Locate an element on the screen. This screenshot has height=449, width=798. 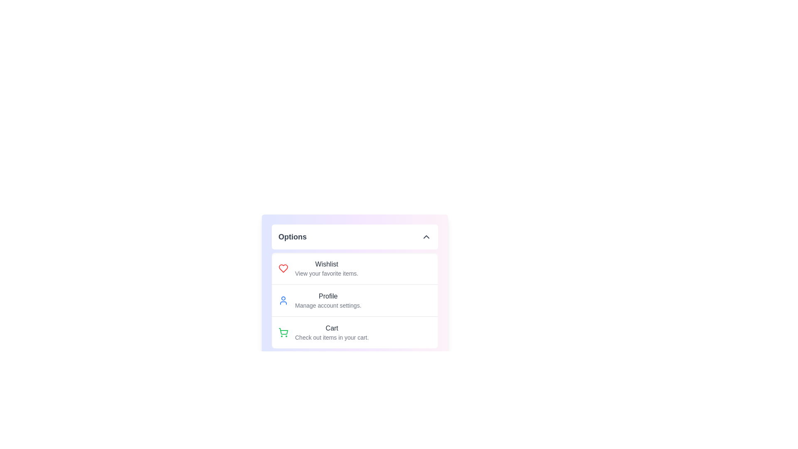
the 'Wishlist' menu item to view your favorite items is located at coordinates (326, 264).